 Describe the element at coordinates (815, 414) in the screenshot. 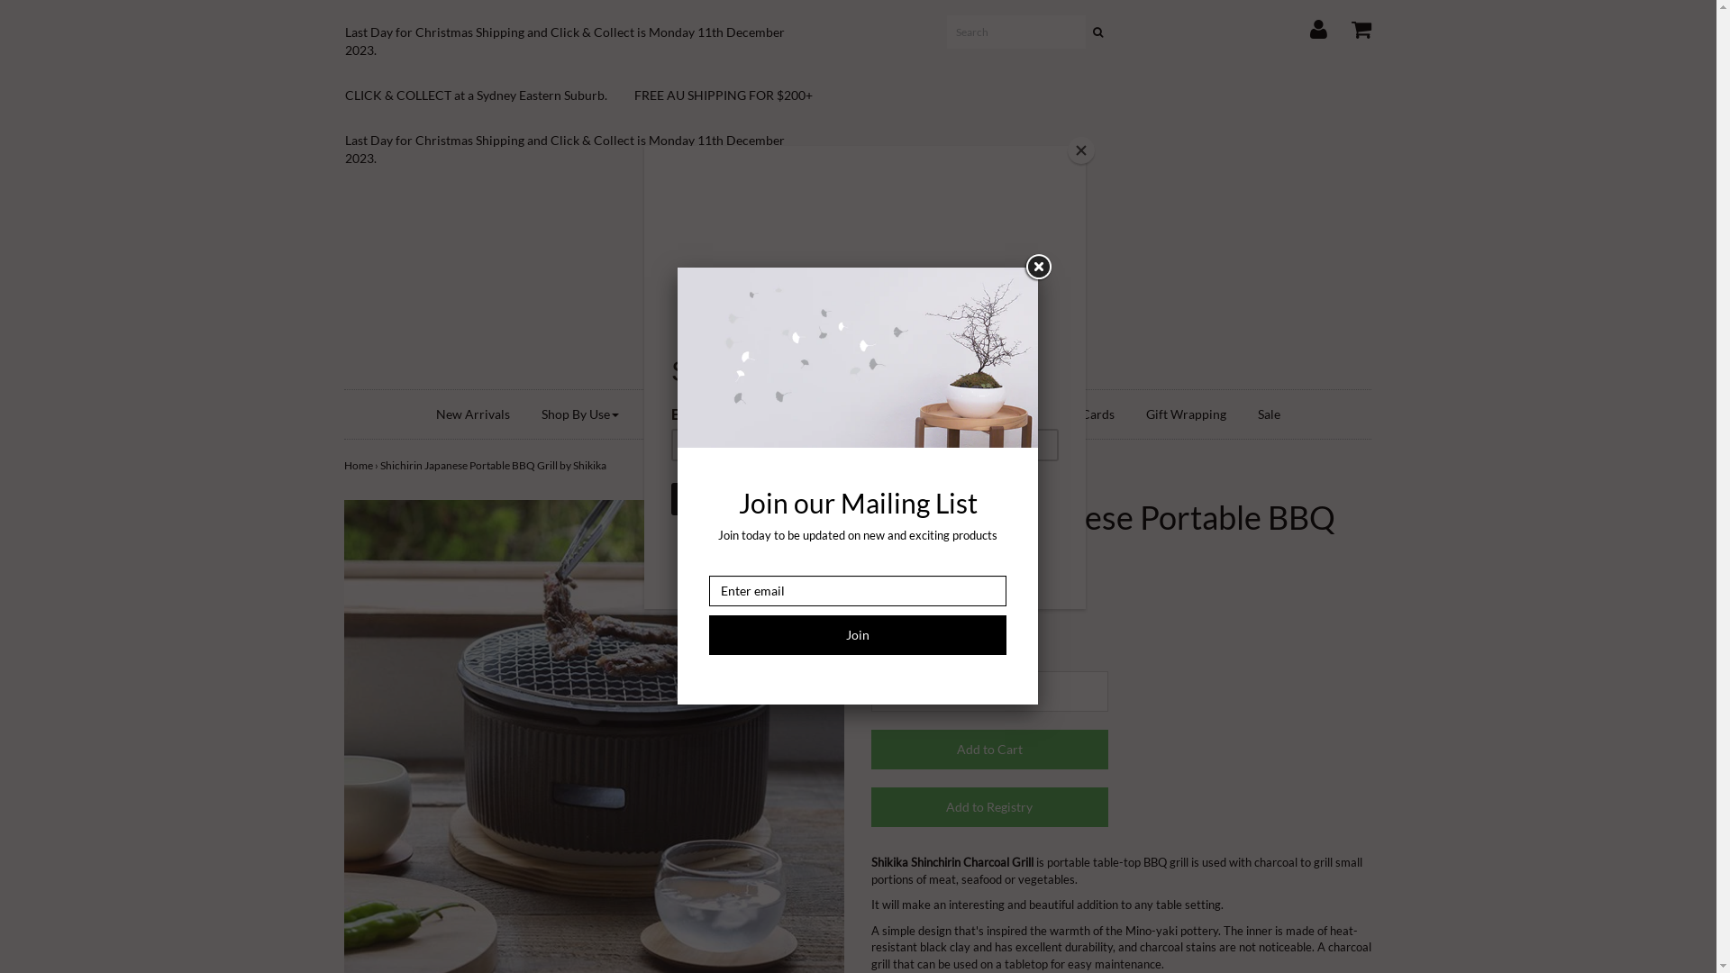

I see `'Sola Cubes'` at that location.